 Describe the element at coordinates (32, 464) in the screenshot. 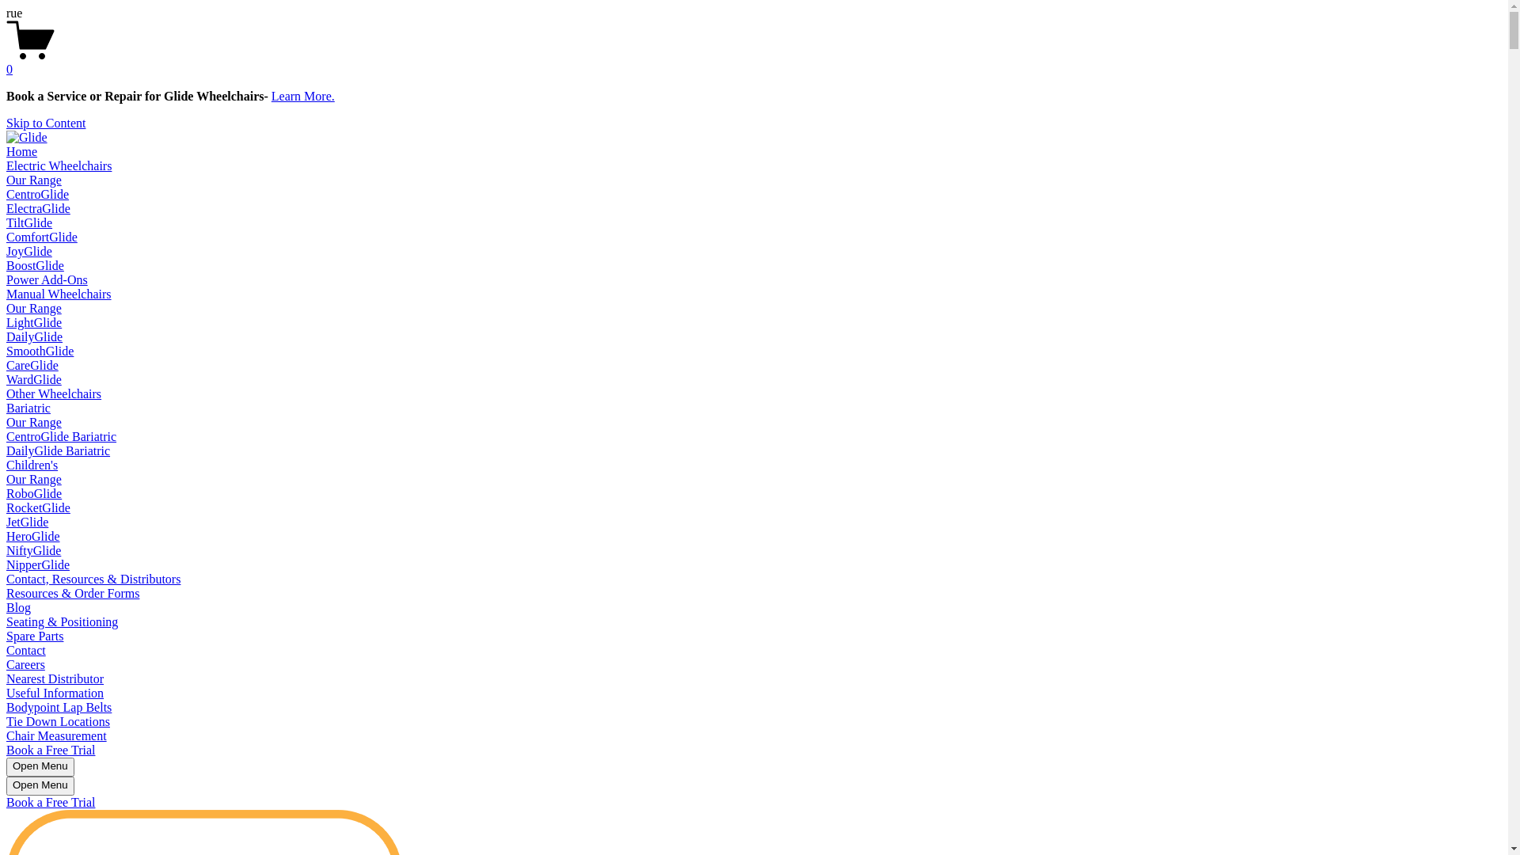

I see `'Children's'` at that location.